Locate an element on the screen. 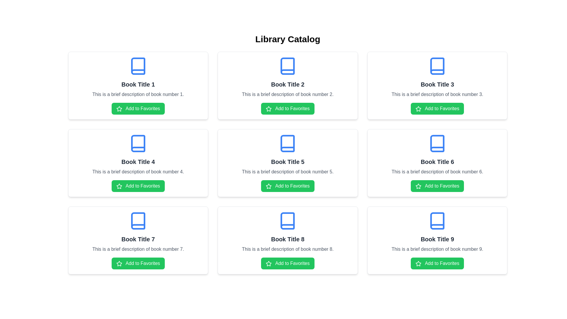  the green button labeled 'Add to Favorites' located at the bottom of the card for 'Book Title 4' by moving the cursor to its center is located at coordinates (138, 185).